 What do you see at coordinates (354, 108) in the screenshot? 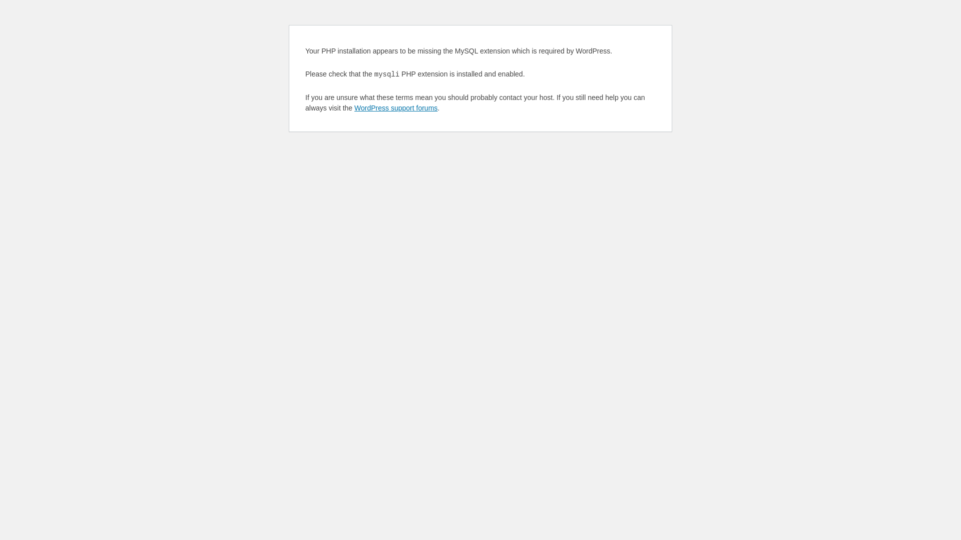
I see `'WordPress support forums'` at bounding box center [354, 108].